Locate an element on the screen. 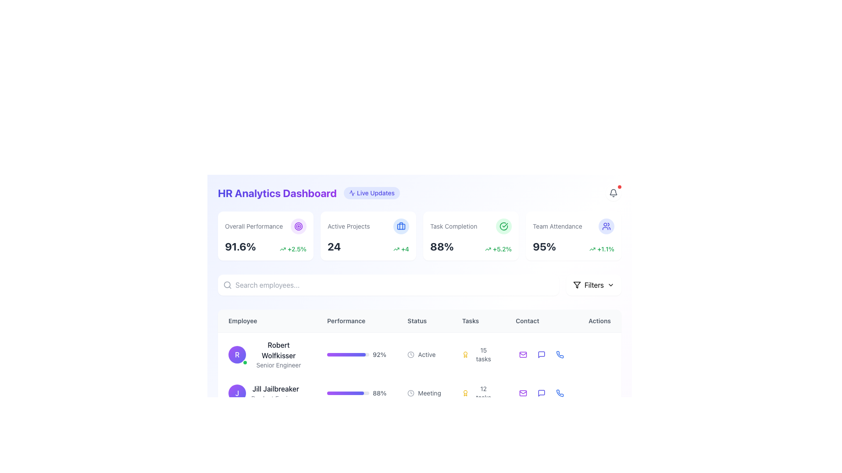 The image size is (842, 473). the status text label in the second entry of the employee list is located at coordinates (424, 355).